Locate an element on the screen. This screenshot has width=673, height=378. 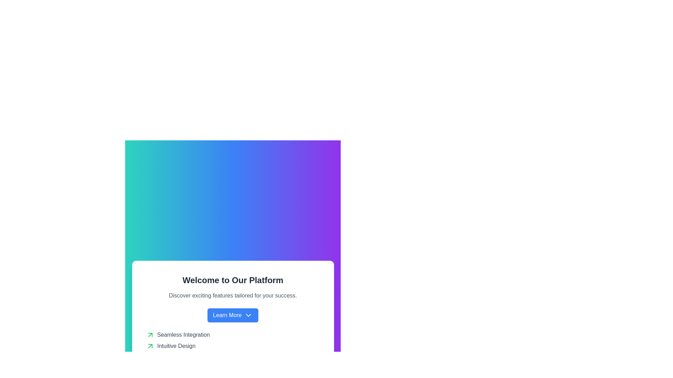
the blue rectangular button labeled 'Learn More' is located at coordinates (233, 315).